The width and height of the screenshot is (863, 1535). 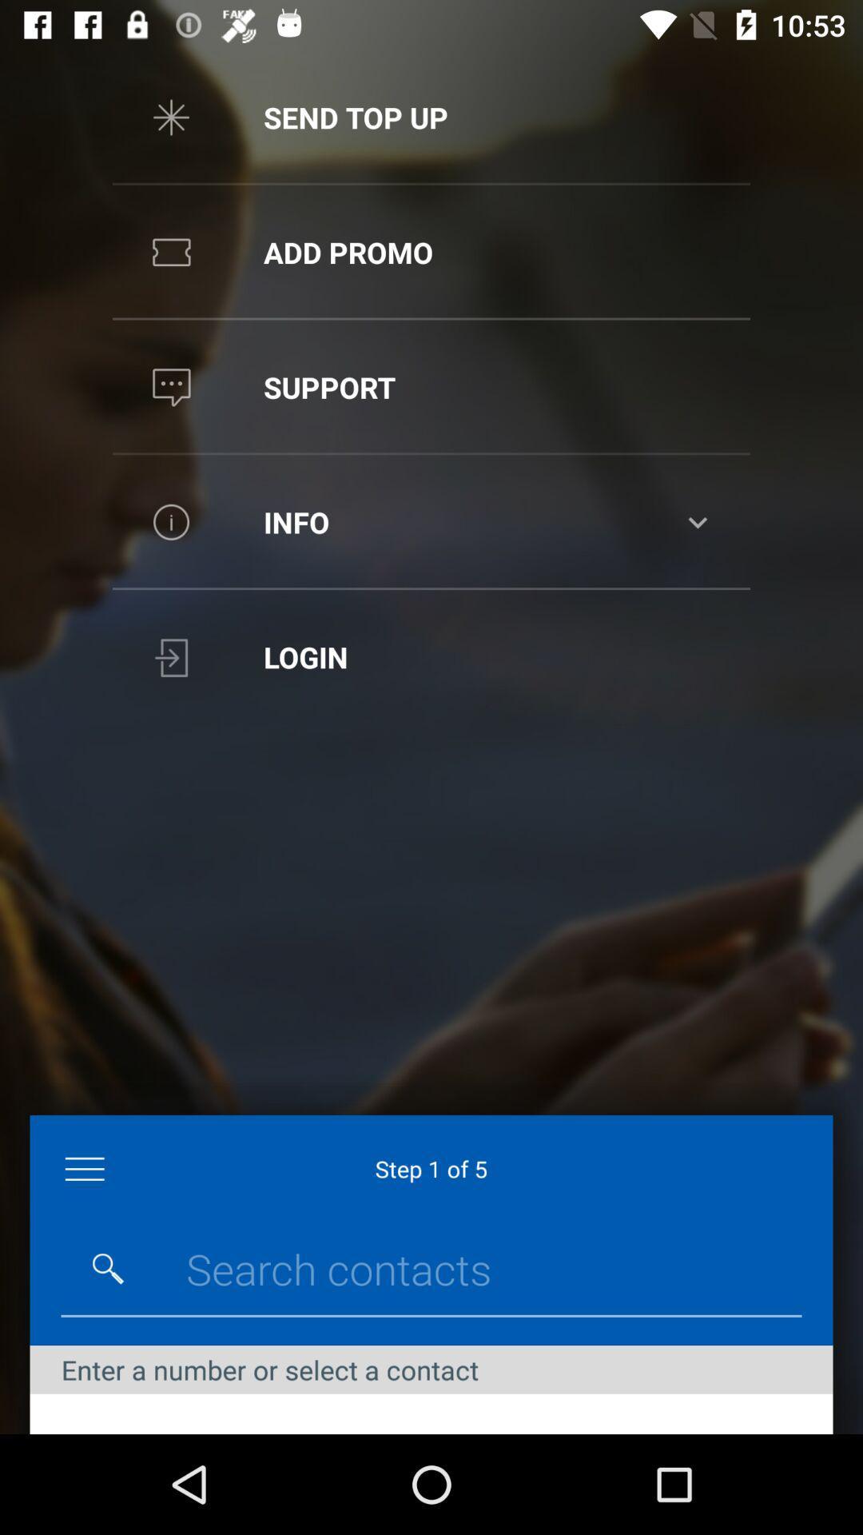 What do you see at coordinates (108, 1268) in the screenshot?
I see `the search option down below the page` at bounding box center [108, 1268].